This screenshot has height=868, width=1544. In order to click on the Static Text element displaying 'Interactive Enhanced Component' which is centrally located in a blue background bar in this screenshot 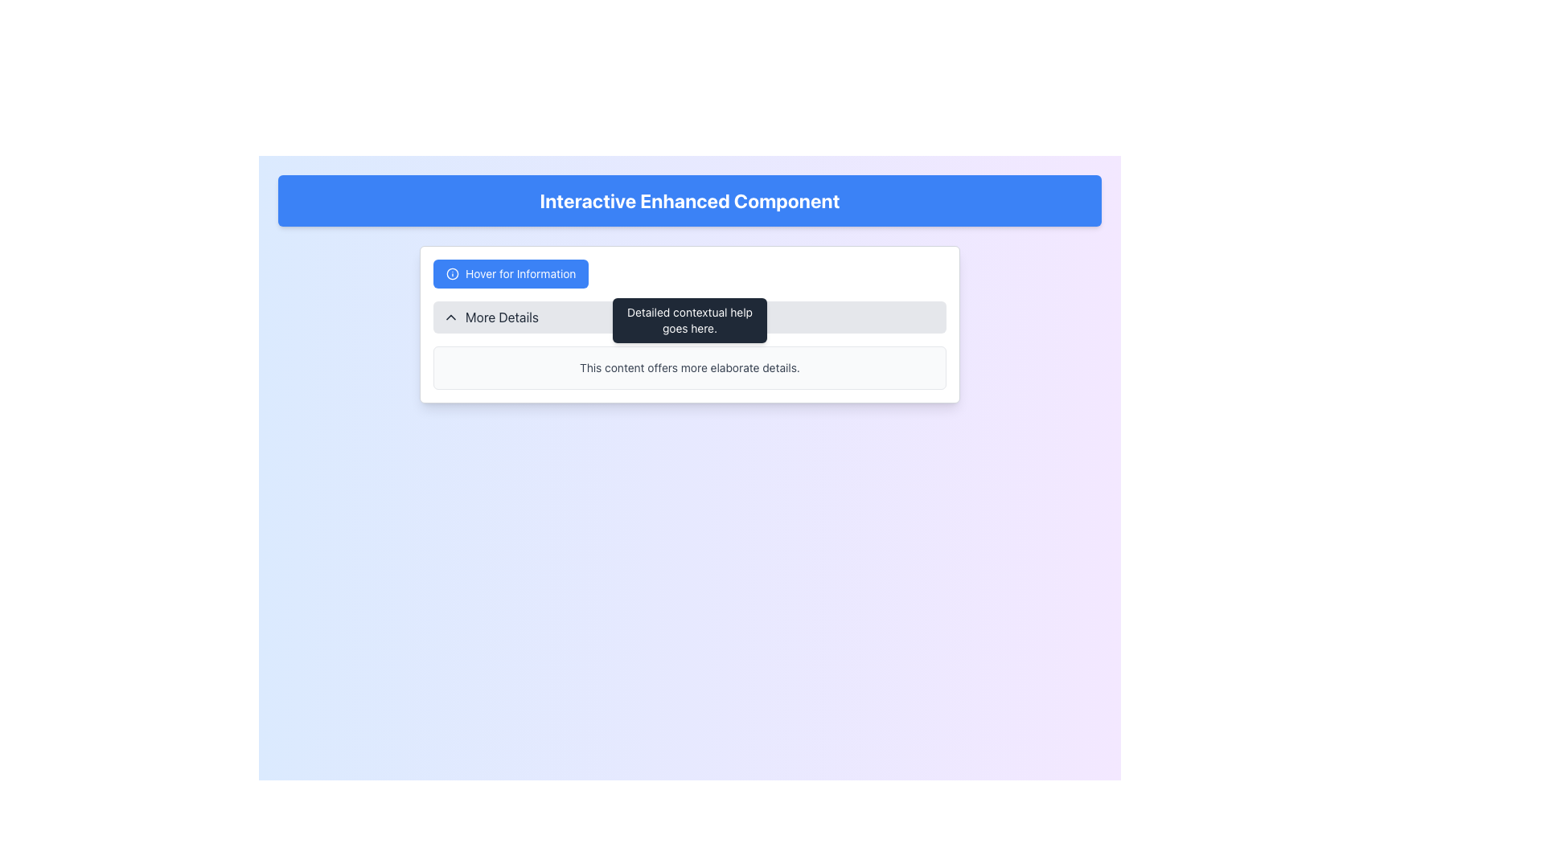, I will do `click(690, 200)`.